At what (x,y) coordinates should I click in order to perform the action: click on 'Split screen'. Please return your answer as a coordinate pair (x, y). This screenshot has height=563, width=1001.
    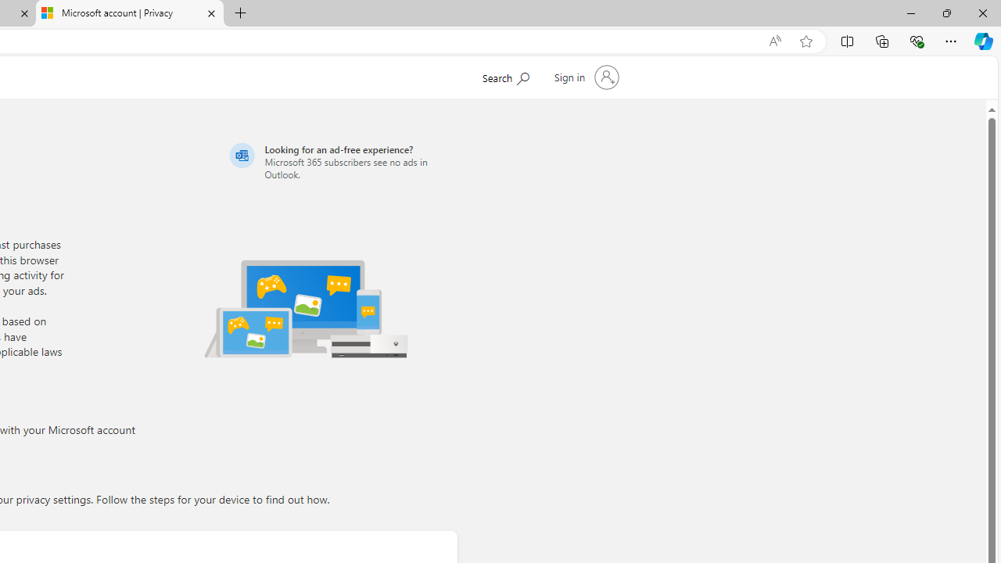
    Looking at the image, I should click on (846, 40).